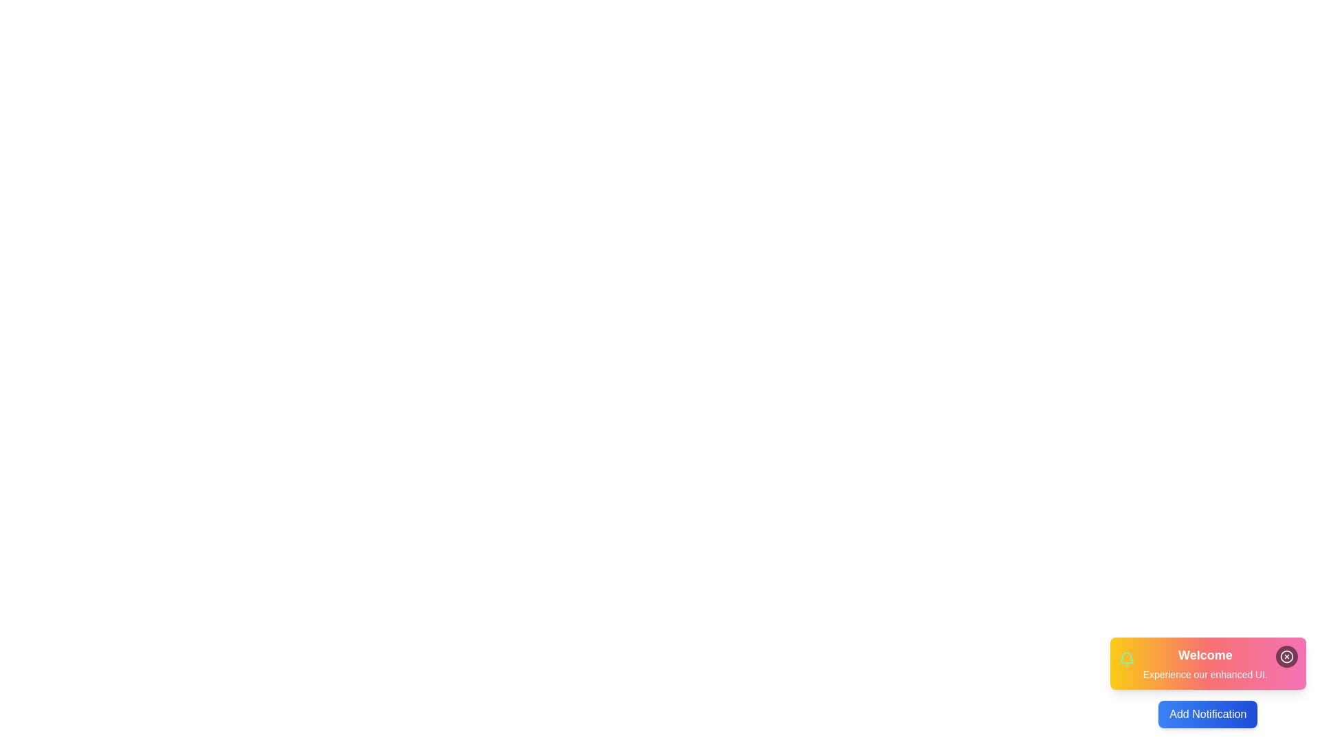 This screenshot has width=1320, height=742. Describe the element at coordinates (1207, 714) in the screenshot. I see `the button located at the bottom-right corner of the notification section` at that location.